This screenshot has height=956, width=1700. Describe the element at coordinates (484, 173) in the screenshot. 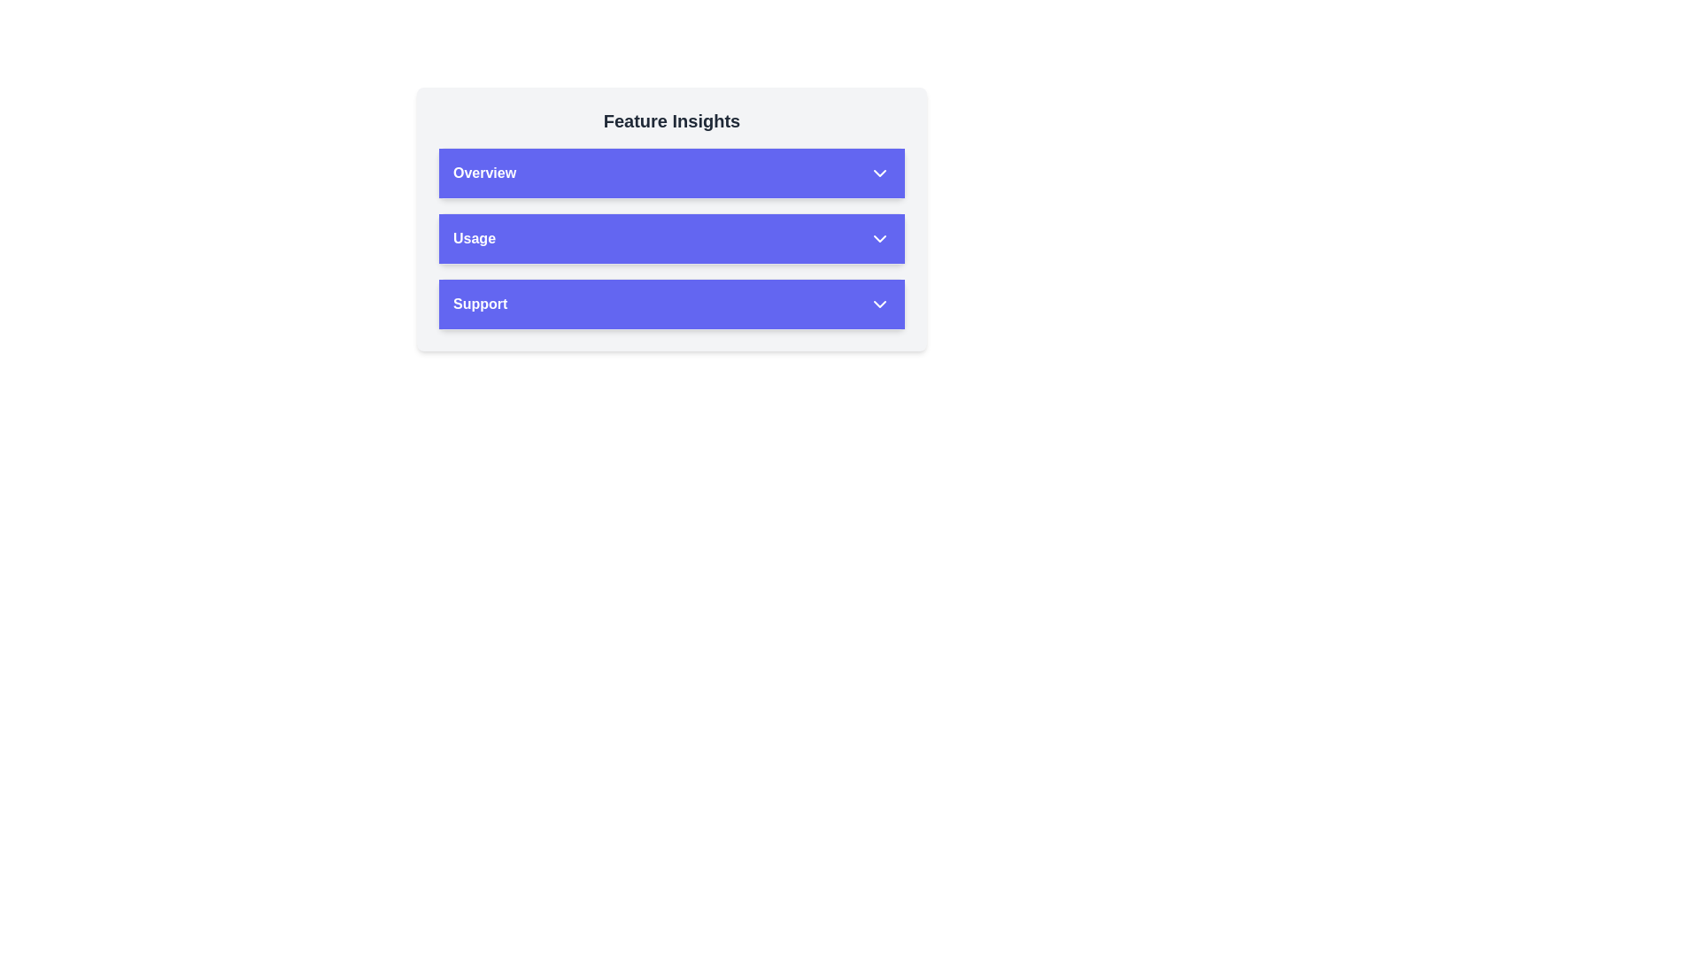

I see `the 'Overview' header text label located in the top blue bar of the menu` at that location.